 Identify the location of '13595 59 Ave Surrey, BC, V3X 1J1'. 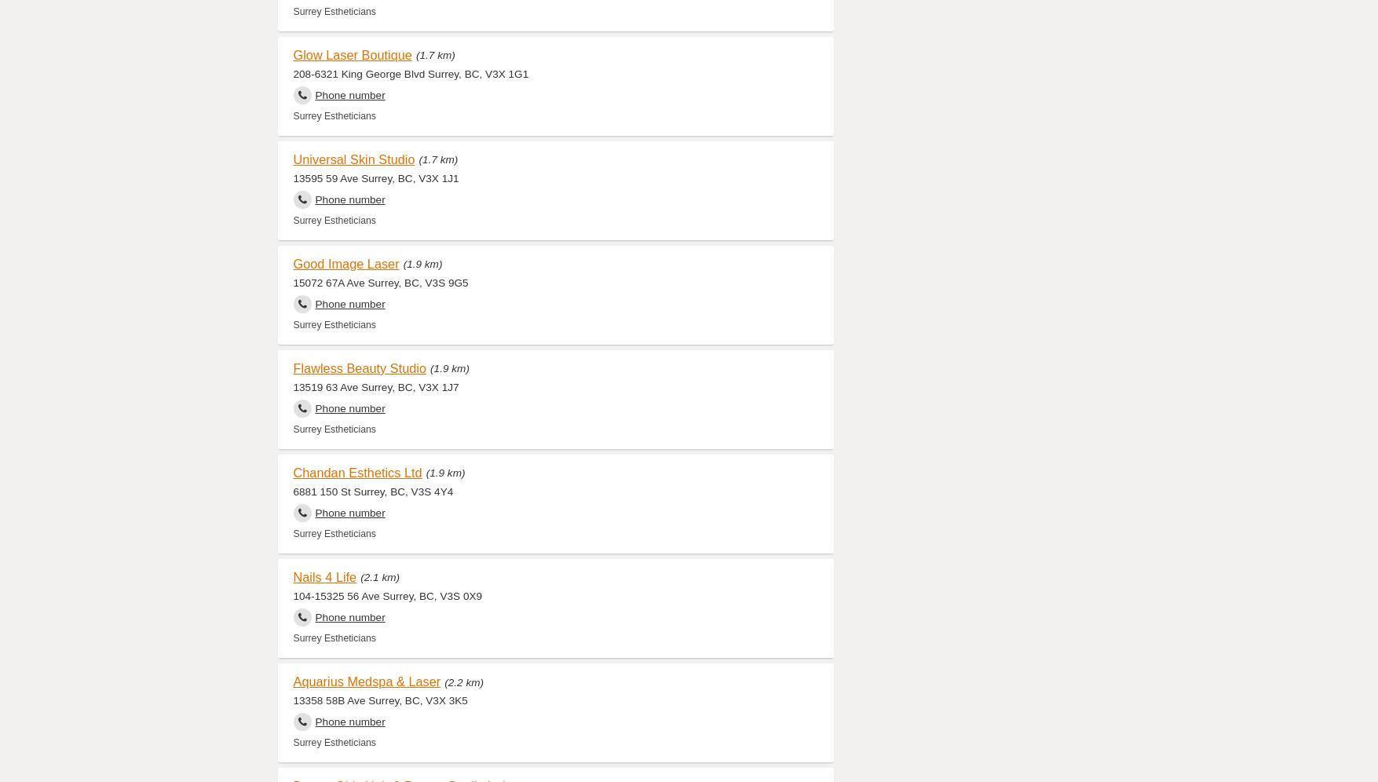
(291, 177).